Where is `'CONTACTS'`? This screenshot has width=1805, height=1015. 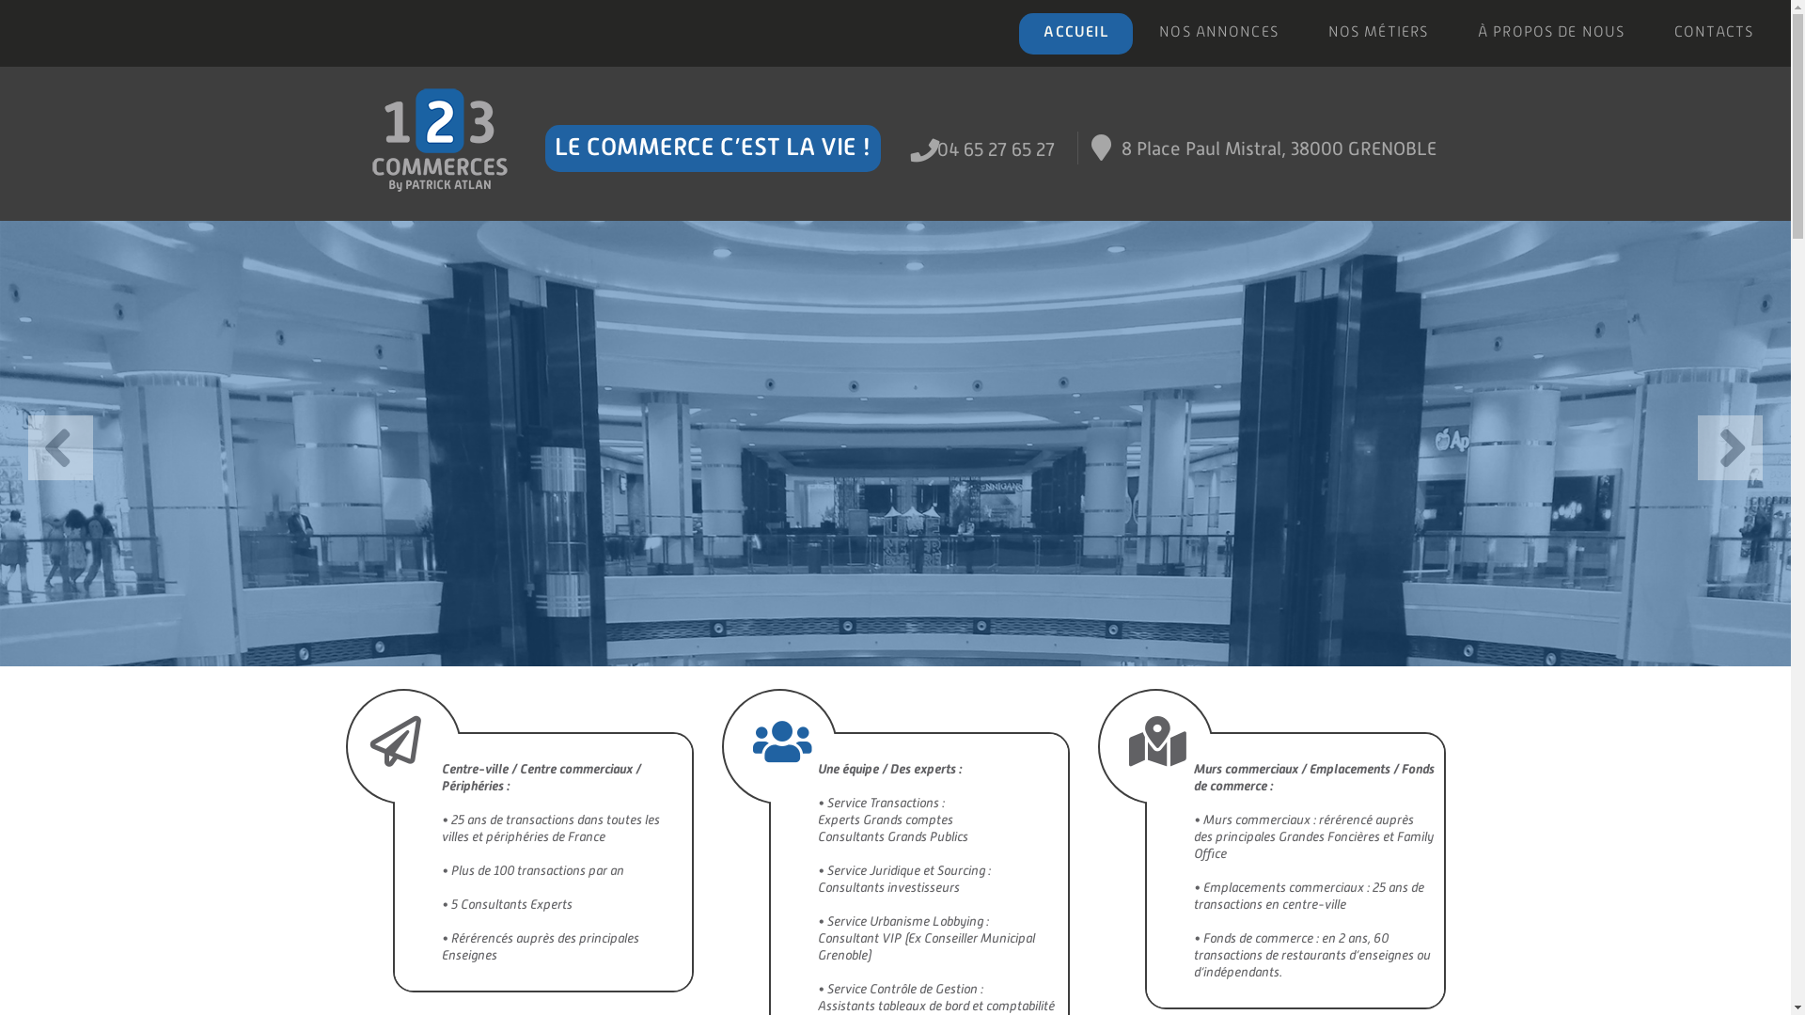 'CONTACTS' is located at coordinates (1713, 33).